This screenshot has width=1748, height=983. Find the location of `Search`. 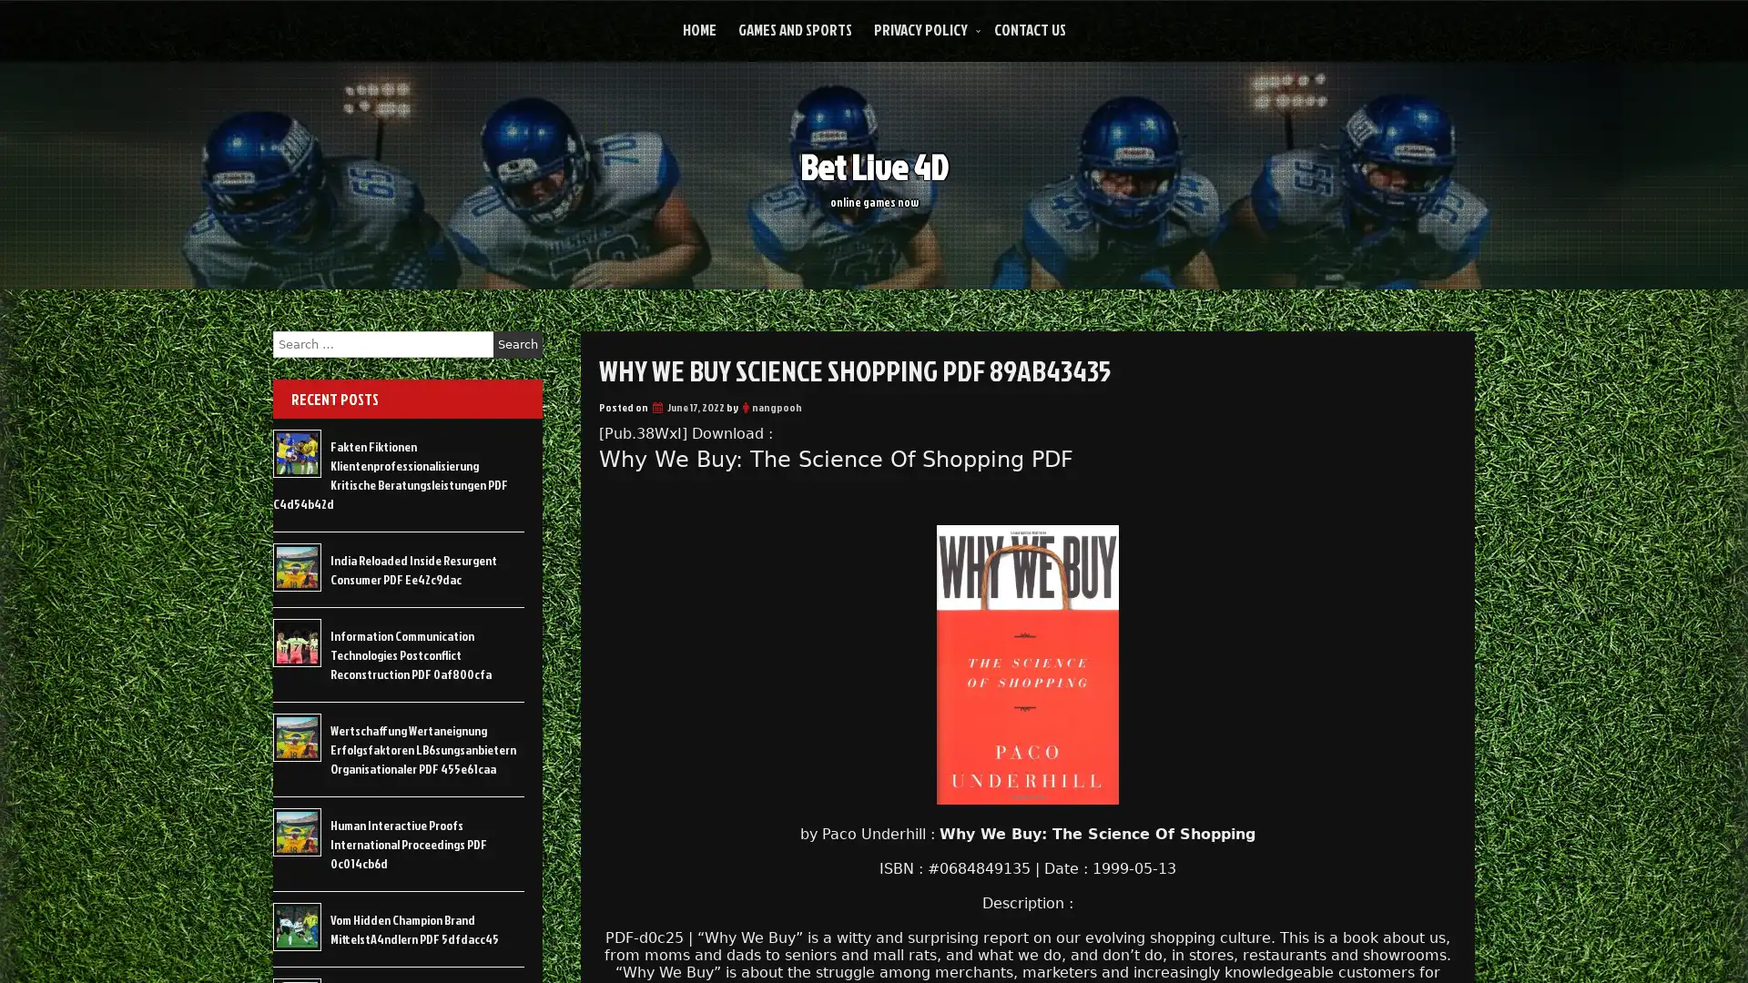

Search is located at coordinates (517, 344).